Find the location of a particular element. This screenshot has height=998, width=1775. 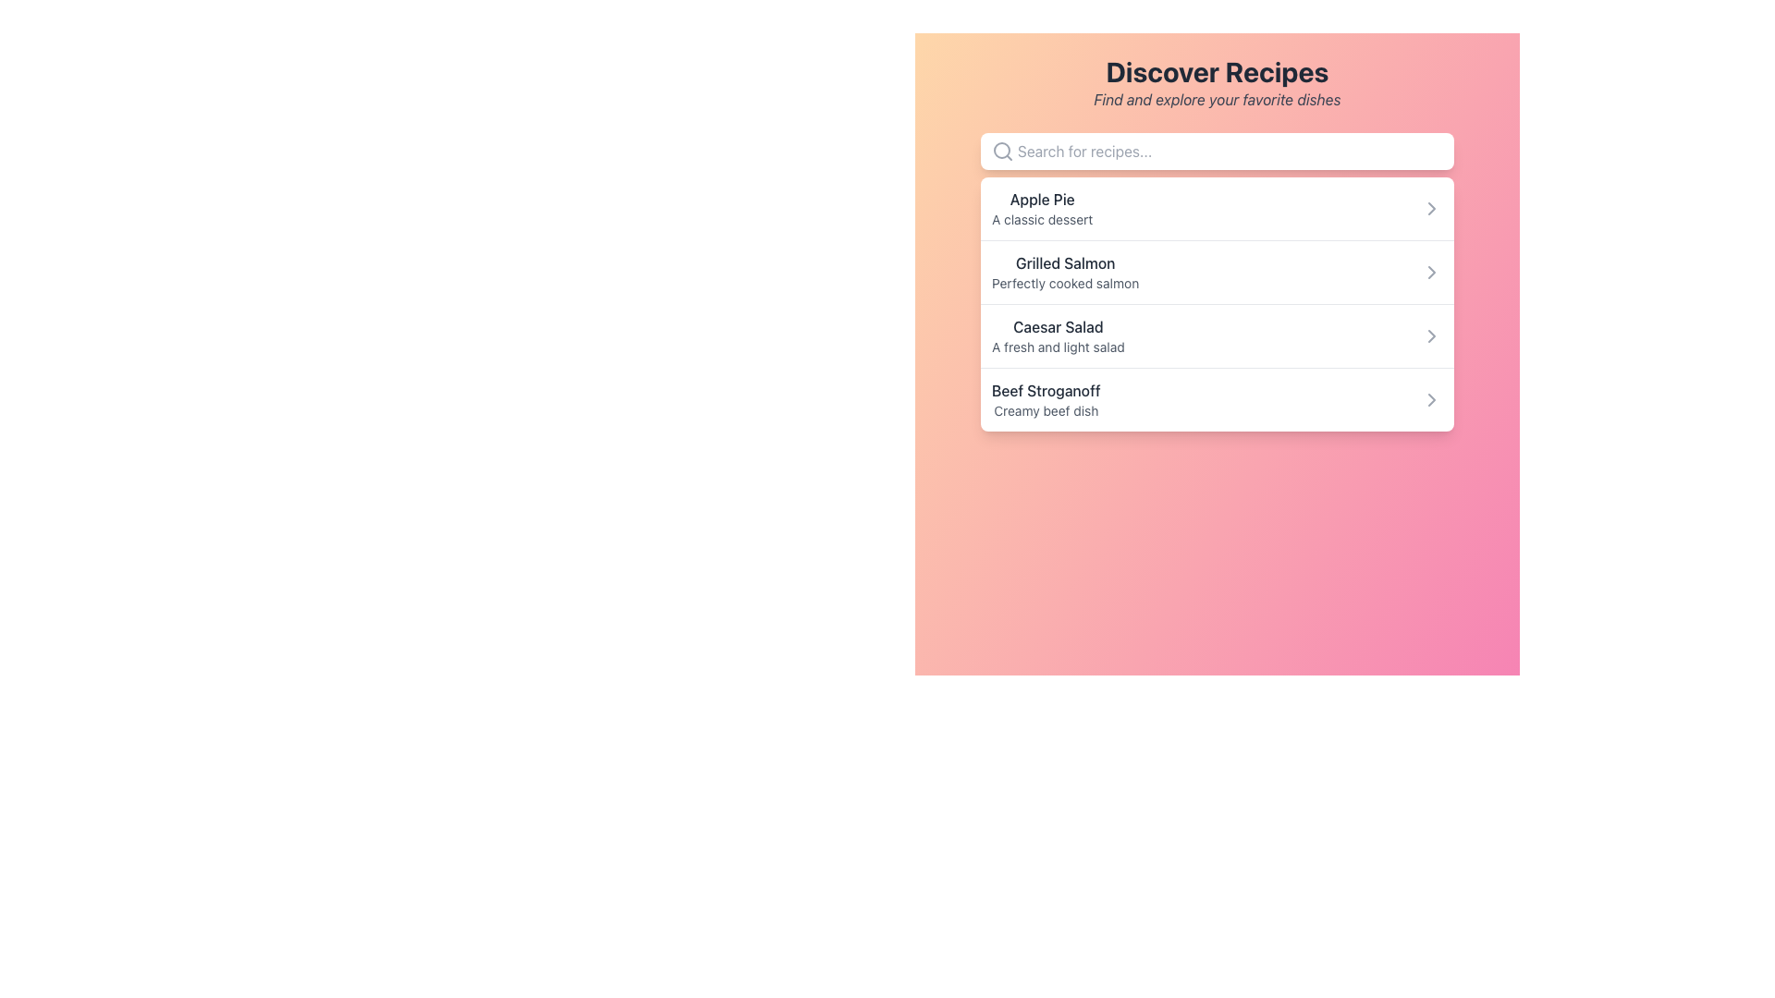

the decorative circle element that indicates the purpose of the search input field, which is part of the magnifying glass icon is located at coordinates (1001, 149).